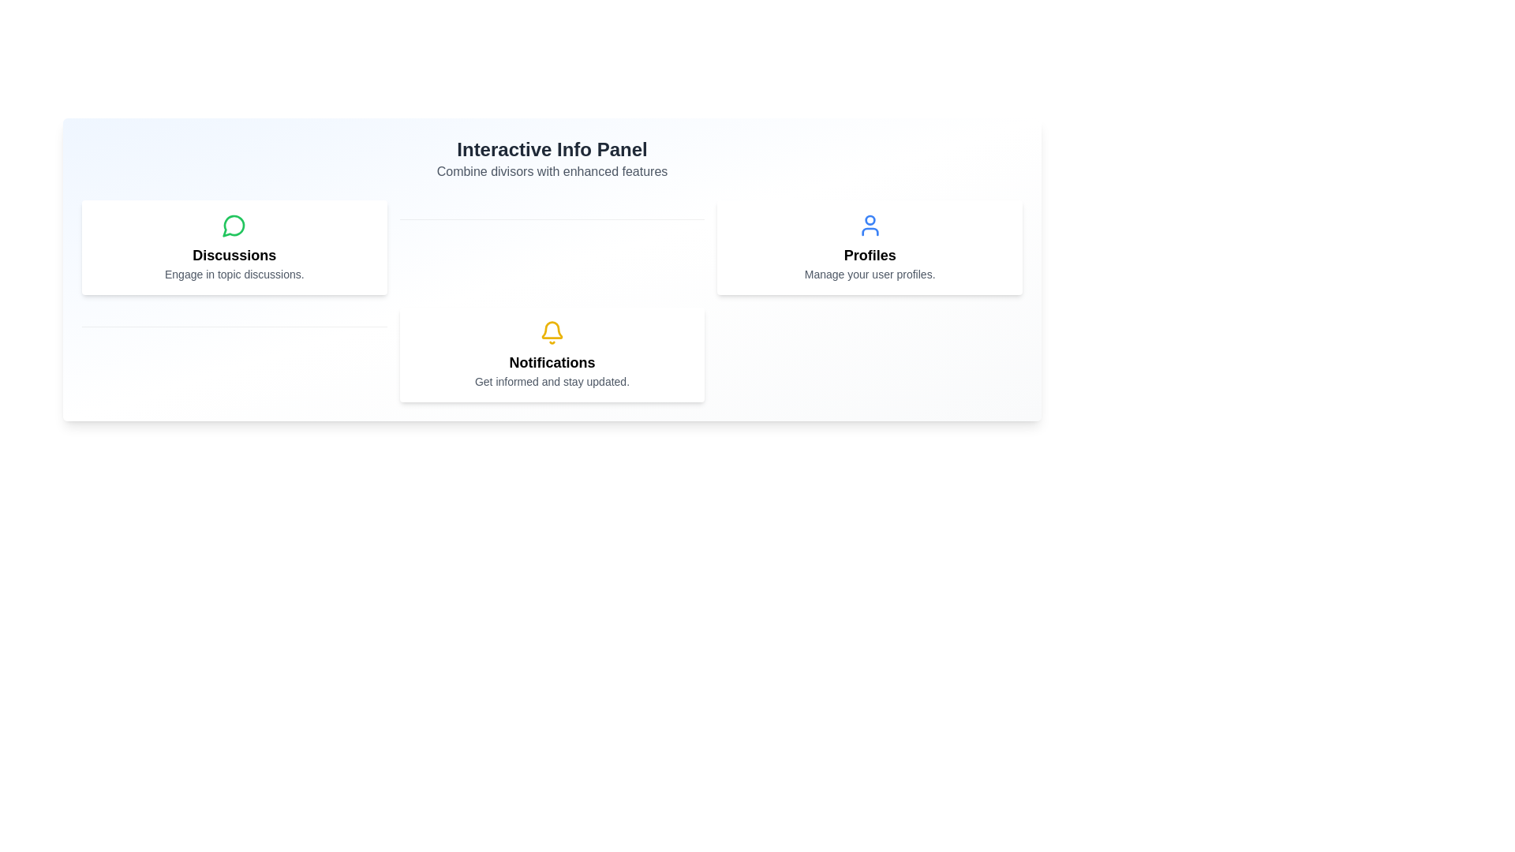 This screenshot has width=1515, height=852. What do you see at coordinates (552, 331) in the screenshot?
I see `the yellow outlined bell-shaped notification icon, which is located on the white card labeled 'Notifications' in the lower part of the main interface, positioned above the text 'Get informed and stay updated.'` at bounding box center [552, 331].